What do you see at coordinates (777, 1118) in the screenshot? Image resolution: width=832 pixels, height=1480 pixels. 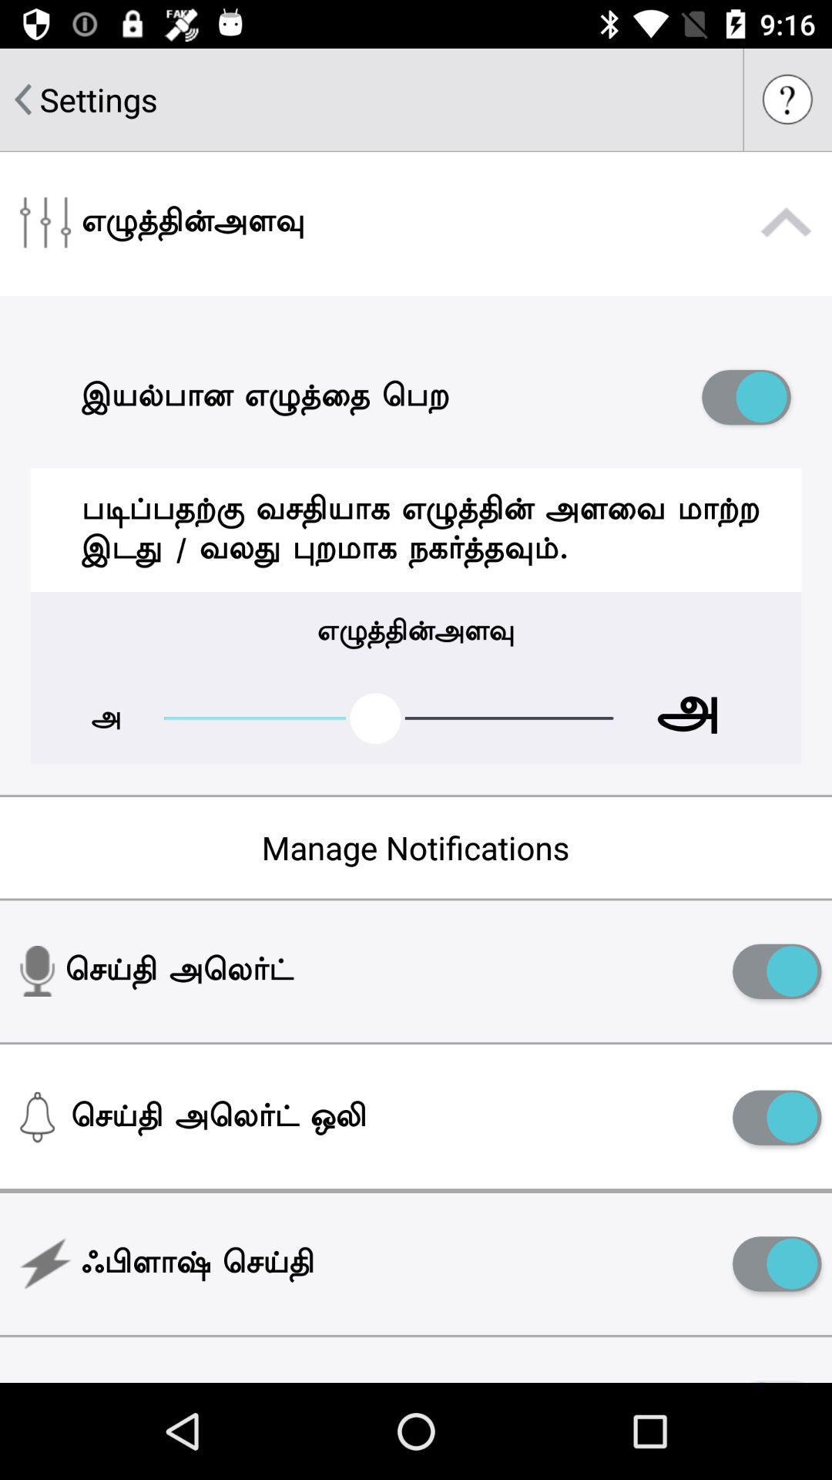 I see `enable/disable setting` at bounding box center [777, 1118].